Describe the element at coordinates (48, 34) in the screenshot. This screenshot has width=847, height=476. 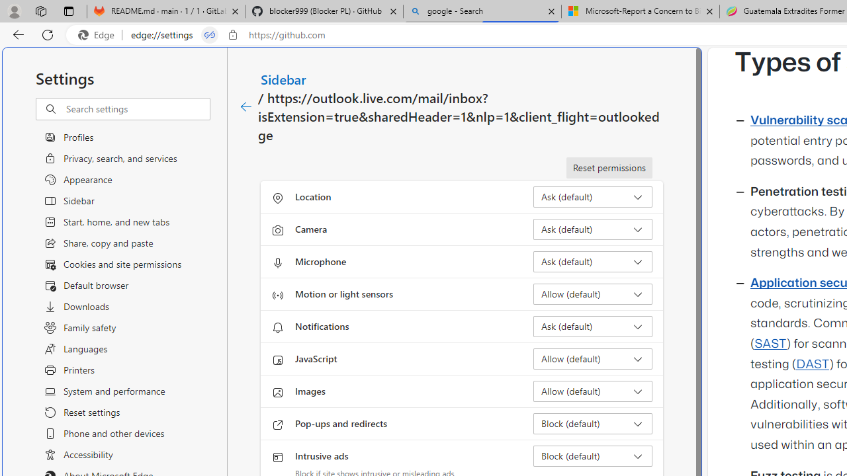
I see `'Refresh'` at that location.